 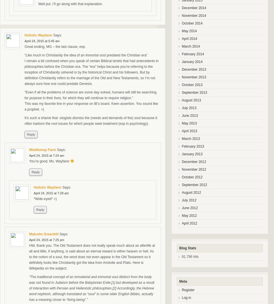 What do you see at coordinates (29, 257) in the screenshot?
I see `'HW, thank you. The Old Testament does not really speak much about an afterlife at all and little, if anything, is said about an eternal reward in either heaven or hell. As to the notion of a soul, the word does not even appear in the Old Testament so it definitely looks like Christianity got the idea from Aristotle and Plato. Here is Wikipedia on the subject:'` at bounding box center [29, 257].